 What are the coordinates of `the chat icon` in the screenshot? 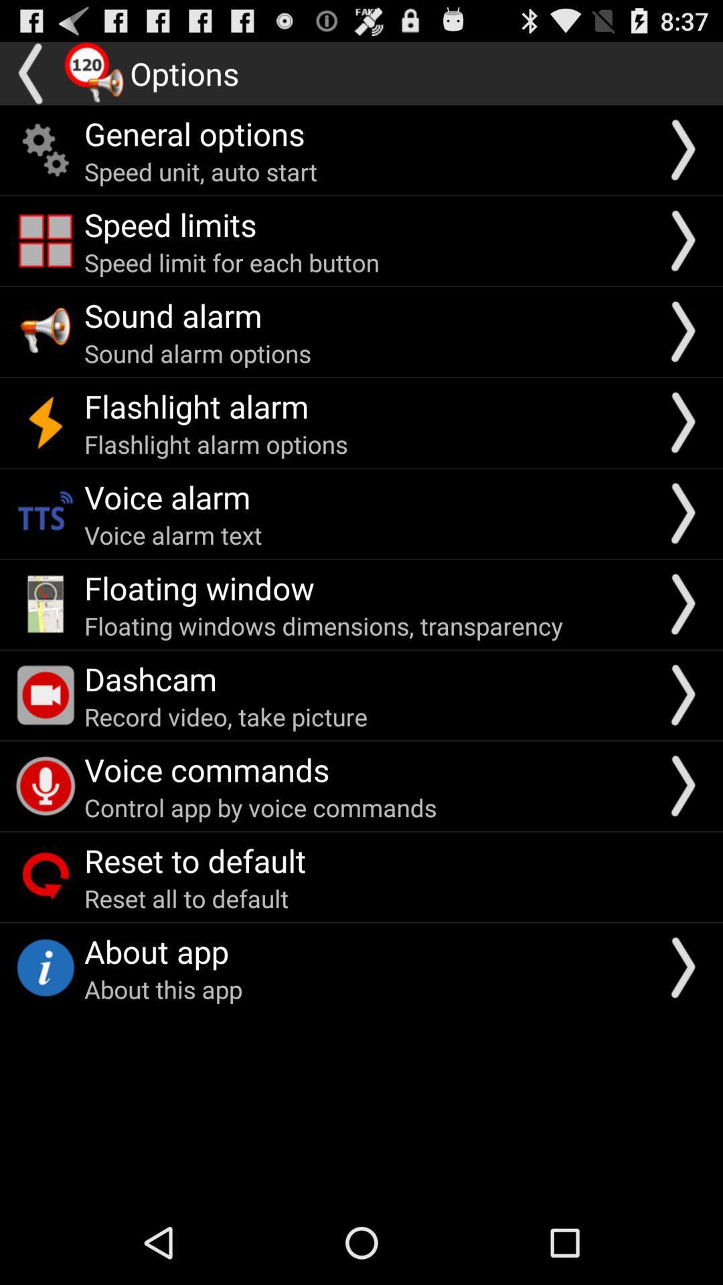 It's located at (94, 78).